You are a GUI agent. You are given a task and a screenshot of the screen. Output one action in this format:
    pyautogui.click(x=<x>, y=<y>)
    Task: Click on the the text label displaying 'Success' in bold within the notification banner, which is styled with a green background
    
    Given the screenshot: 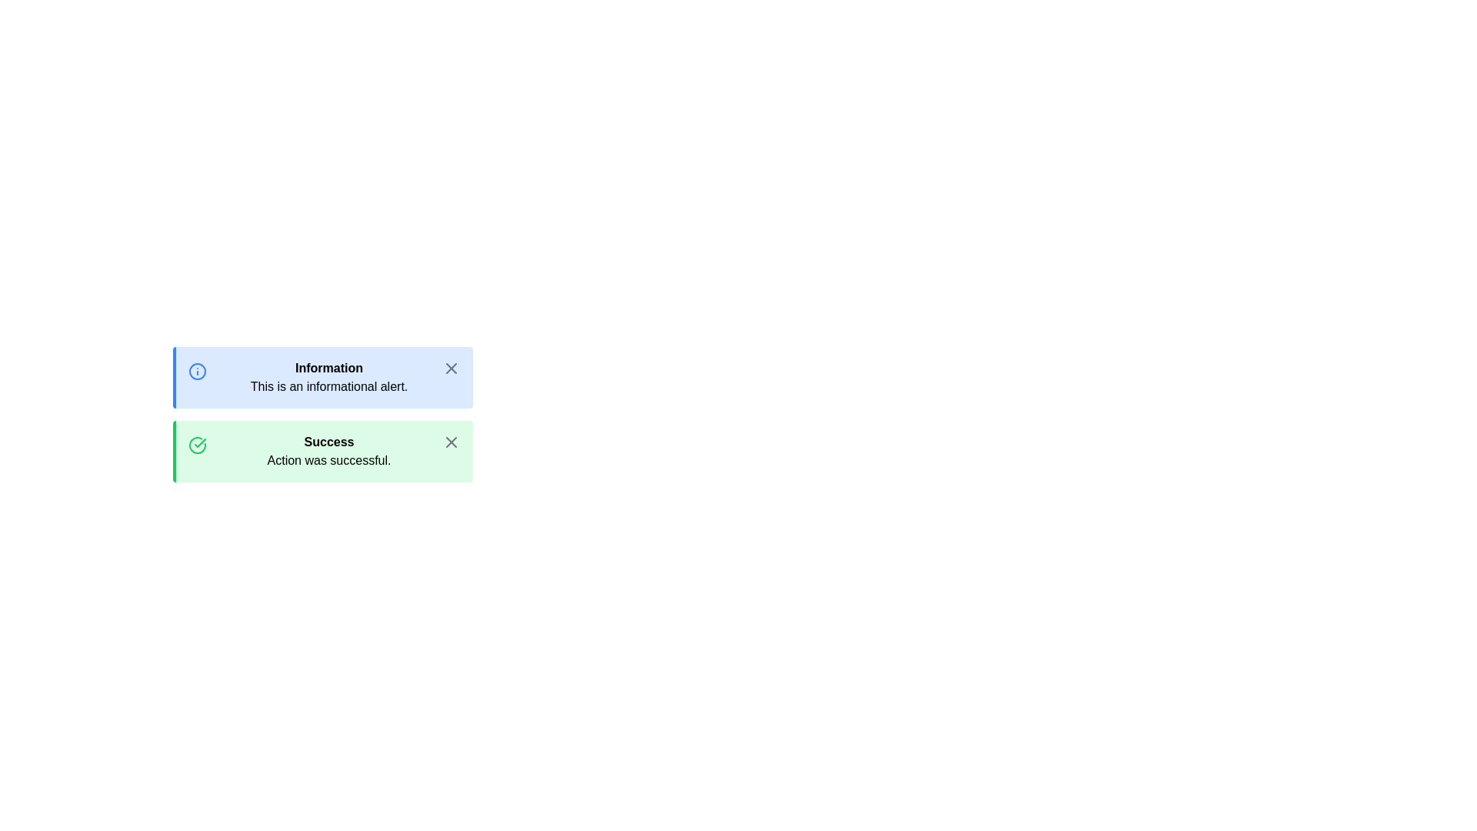 What is the action you would take?
    pyautogui.click(x=328, y=442)
    